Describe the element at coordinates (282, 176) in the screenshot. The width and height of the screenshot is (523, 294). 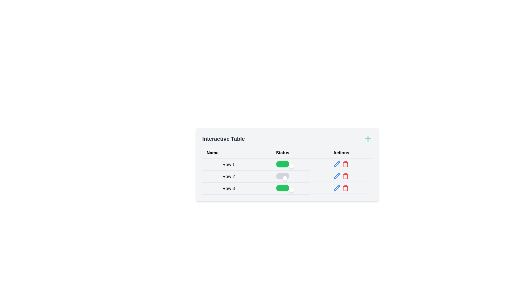
I see `the toggle switch located in the 'Status' column of the second row of the table` at that location.